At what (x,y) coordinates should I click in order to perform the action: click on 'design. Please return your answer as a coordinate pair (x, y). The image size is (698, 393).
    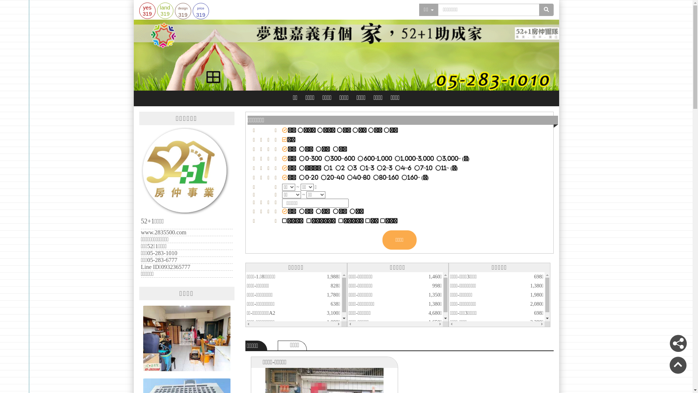
    Looking at the image, I should click on (174, 11).